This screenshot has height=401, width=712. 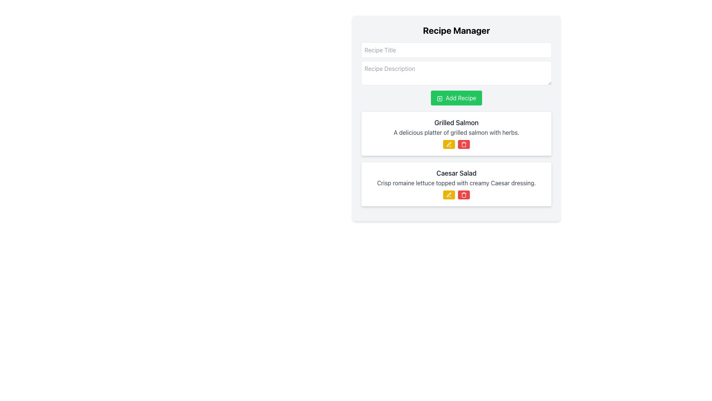 What do you see at coordinates (448, 194) in the screenshot?
I see `the small yellow button with a pen icon located in the bottom-right corner of the 'Caesar Salad' section` at bounding box center [448, 194].